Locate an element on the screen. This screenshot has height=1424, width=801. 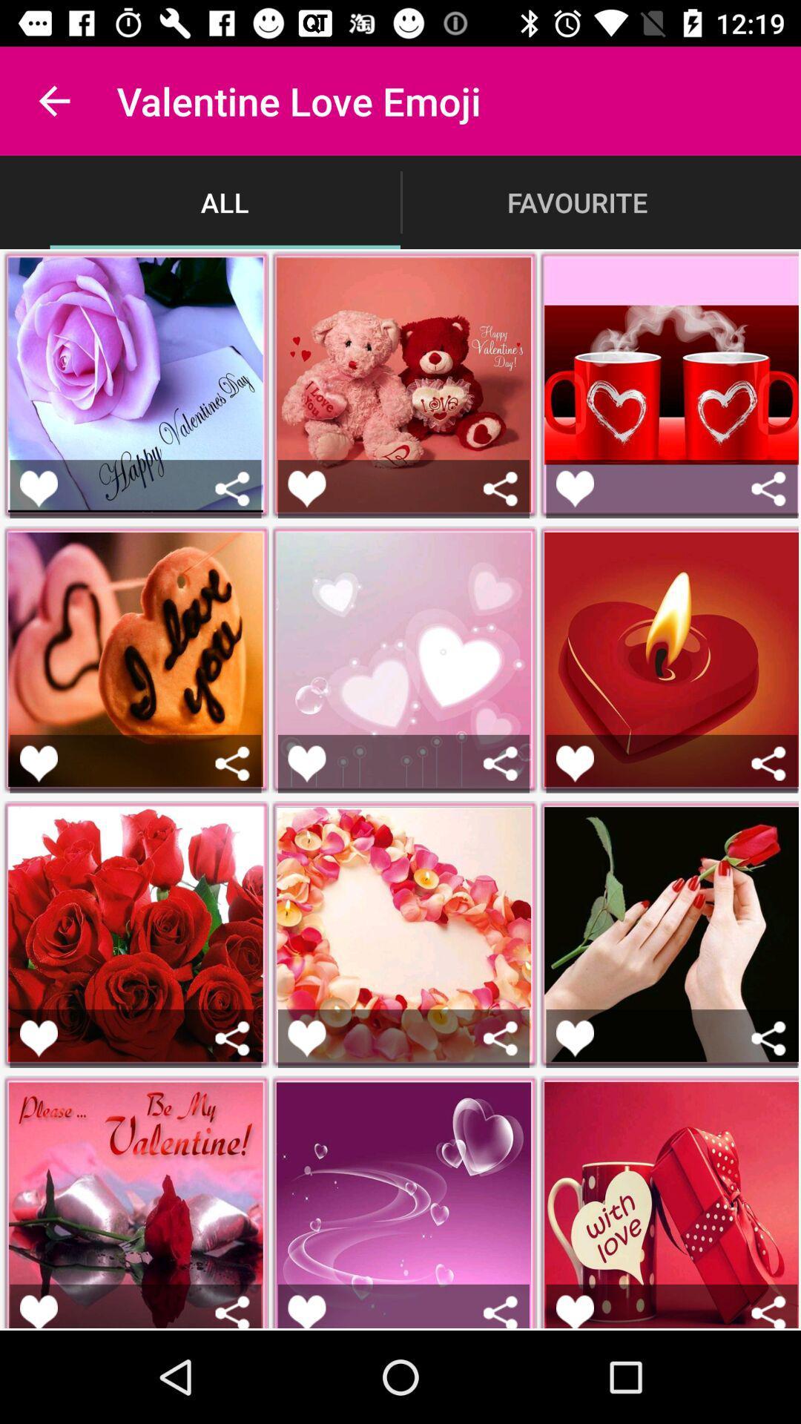
share the article is located at coordinates (501, 1038).